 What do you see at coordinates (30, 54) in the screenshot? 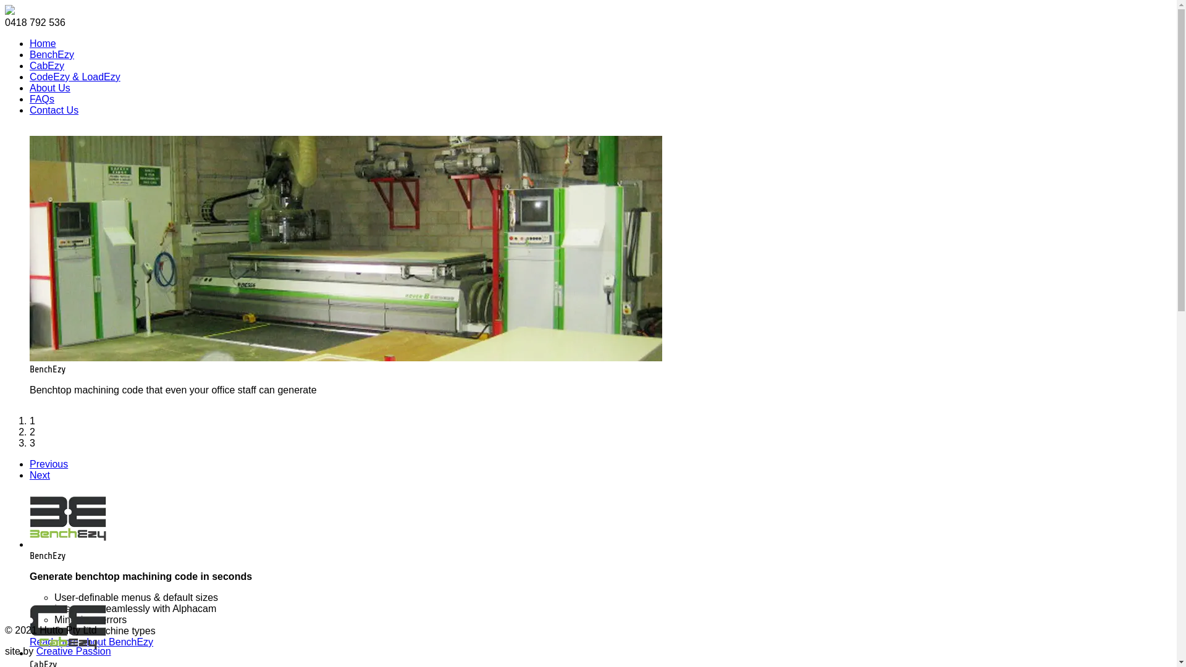
I see `'BenchEzy'` at bounding box center [30, 54].